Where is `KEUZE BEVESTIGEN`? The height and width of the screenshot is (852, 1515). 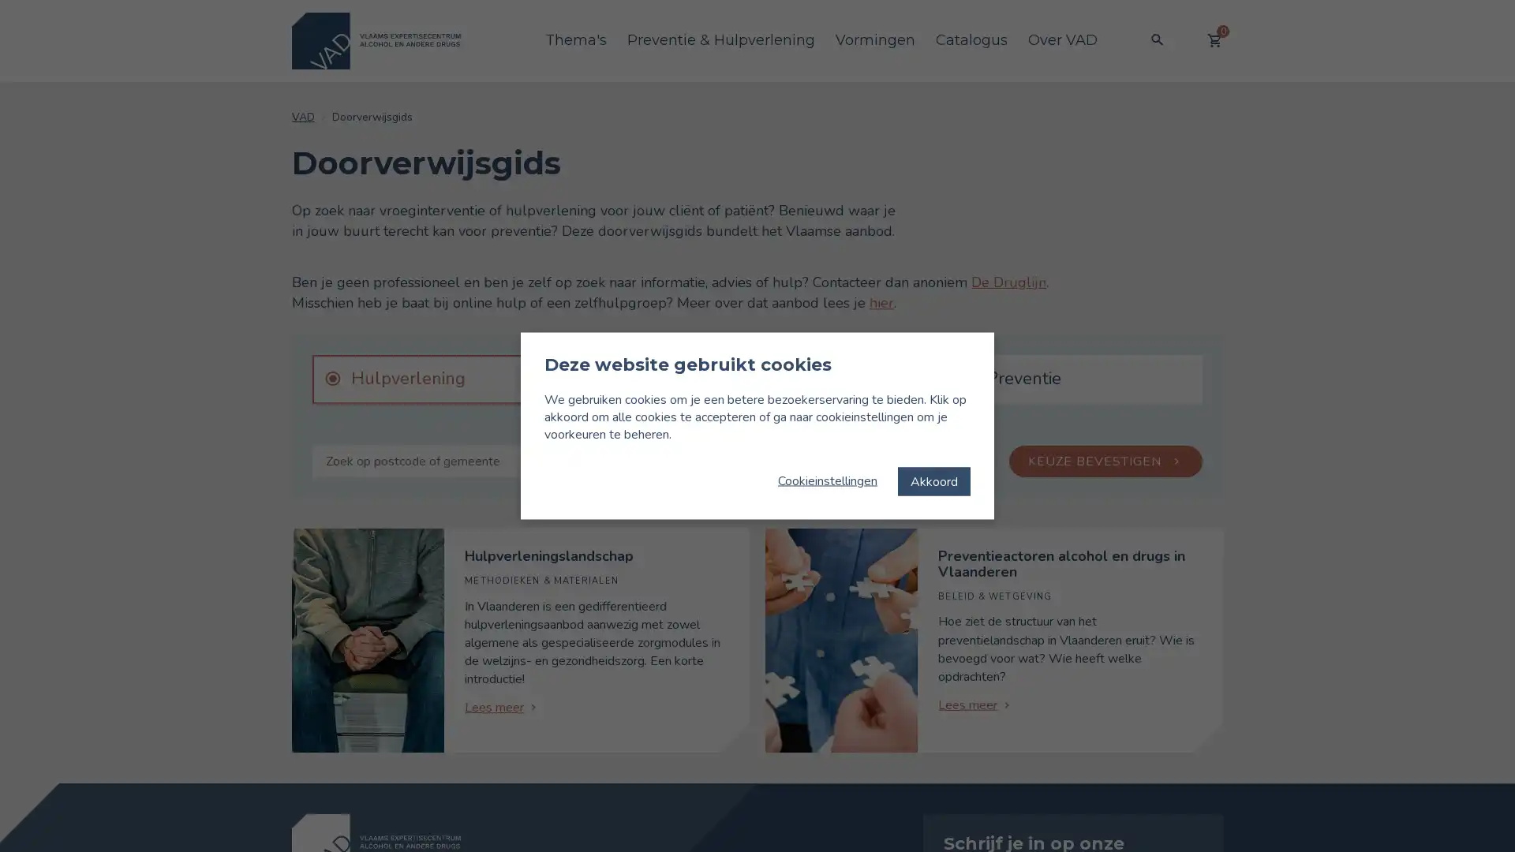
KEUZE BEVESTIGEN is located at coordinates (1105, 460).